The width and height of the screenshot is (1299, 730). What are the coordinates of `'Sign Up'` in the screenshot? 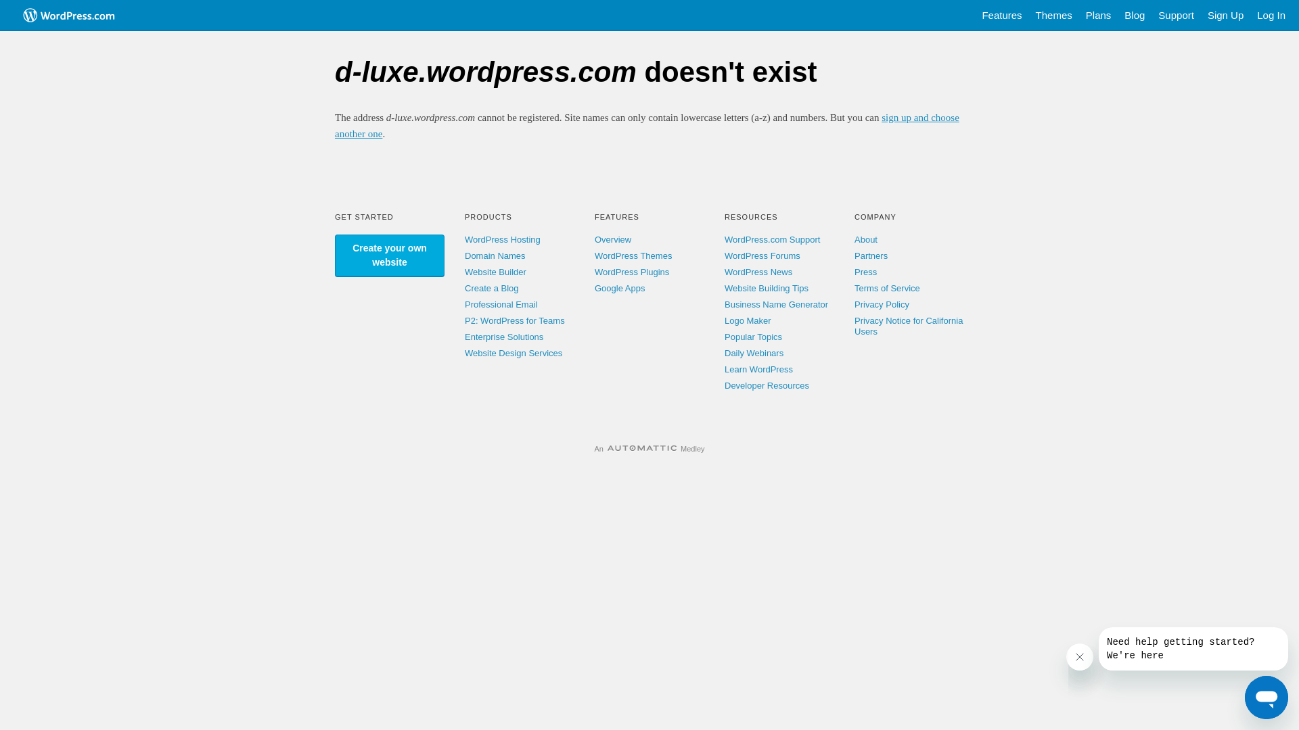 It's located at (1225, 16).